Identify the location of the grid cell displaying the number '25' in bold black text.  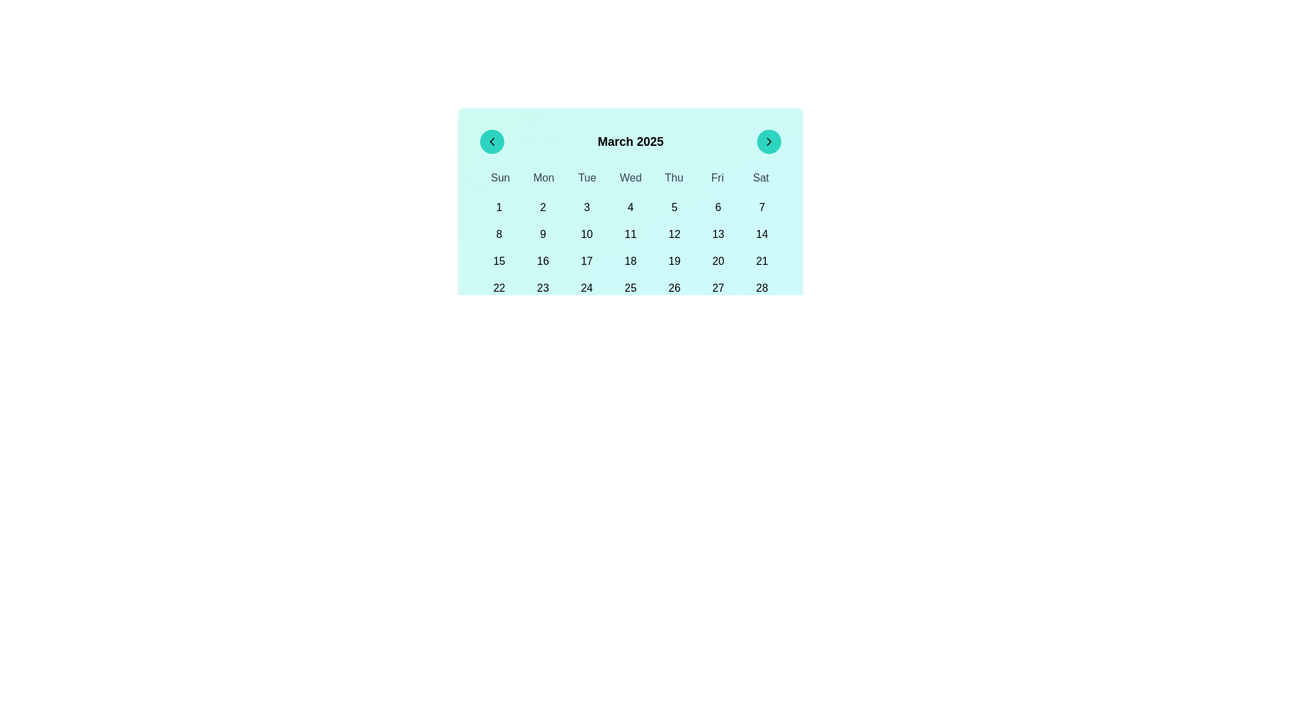
(629, 287).